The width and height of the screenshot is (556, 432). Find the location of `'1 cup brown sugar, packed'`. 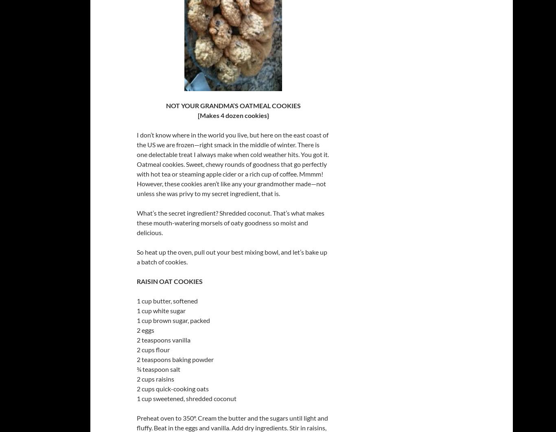

'1 cup brown sugar, packed' is located at coordinates (137, 320).